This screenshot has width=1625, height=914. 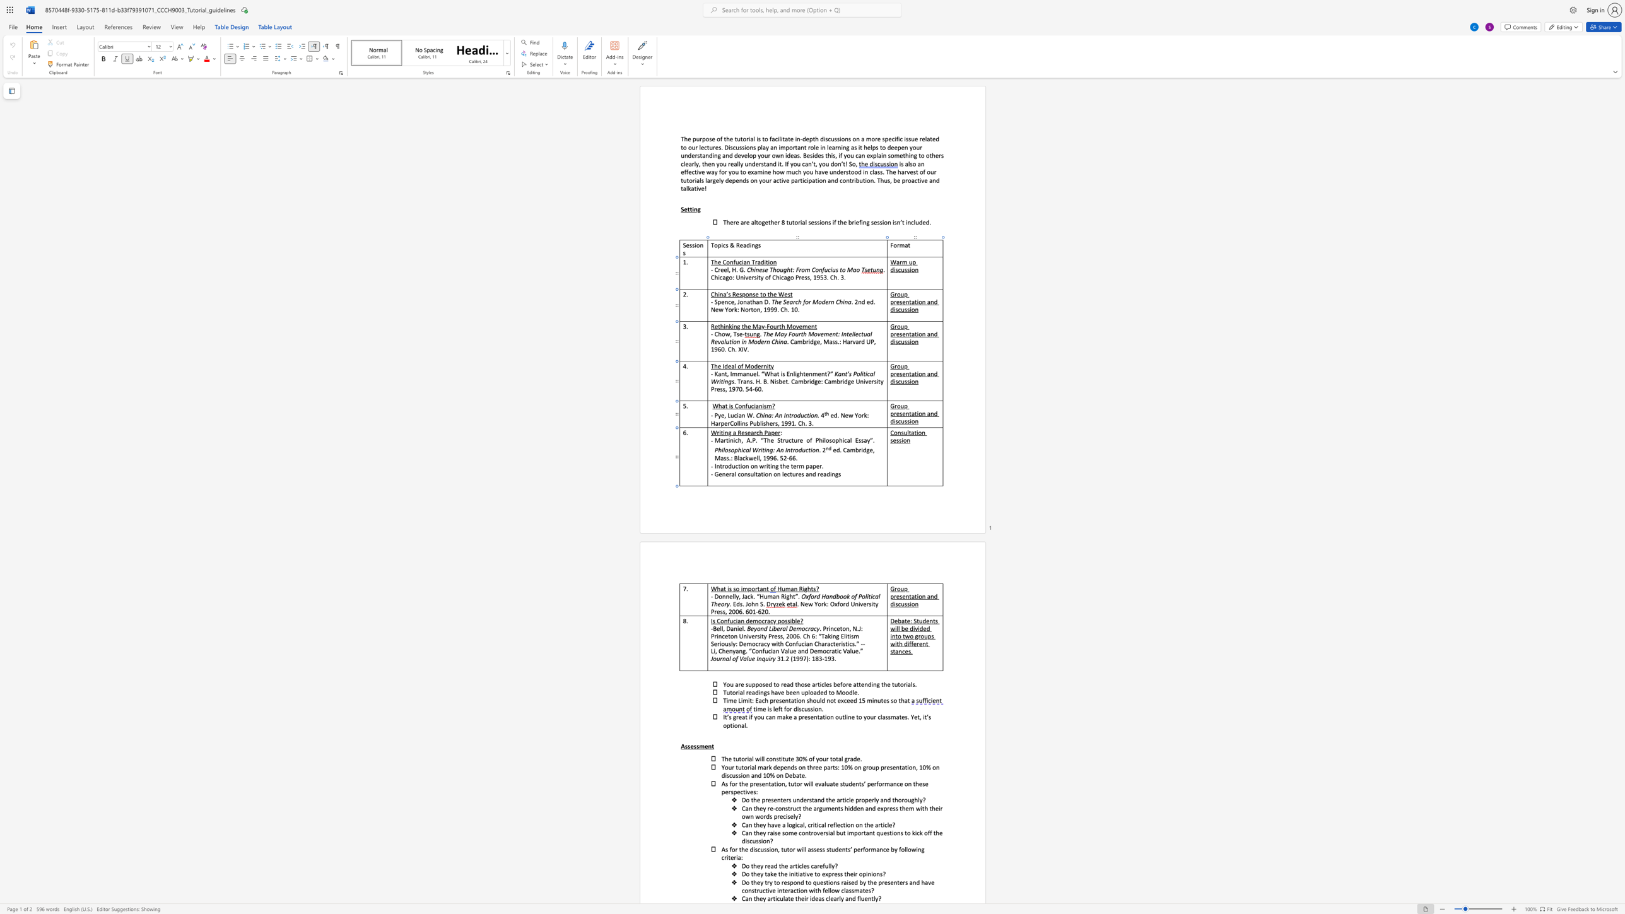 I want to click on the 5th character "i" in the text, so click(x=811, y=449).